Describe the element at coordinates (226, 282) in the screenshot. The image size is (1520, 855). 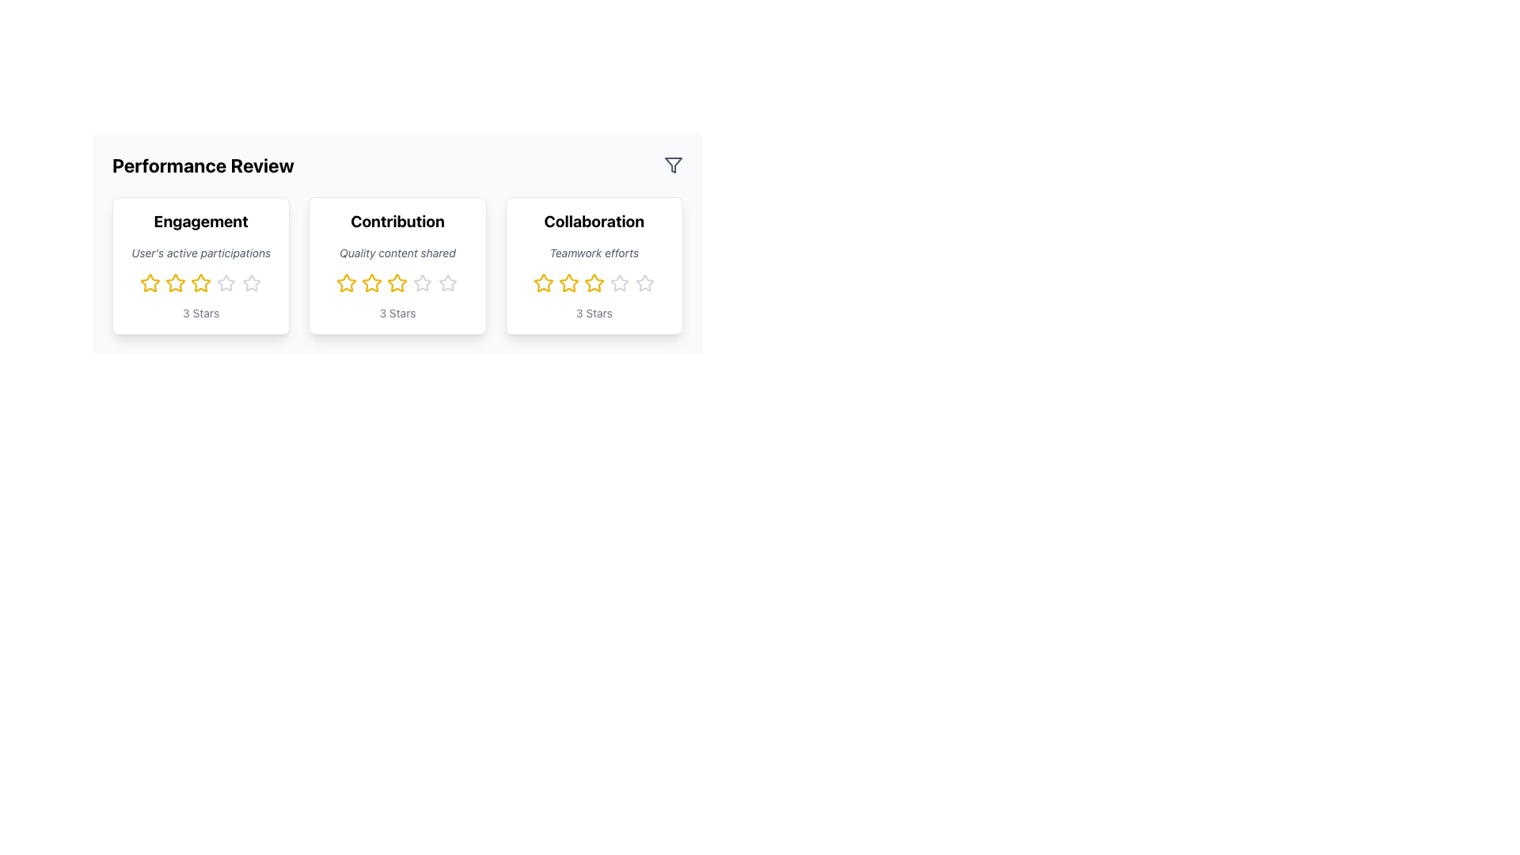
I see `the fourth star in the Star rating unit under the 'Engagement' section to select a rating level` at that location.